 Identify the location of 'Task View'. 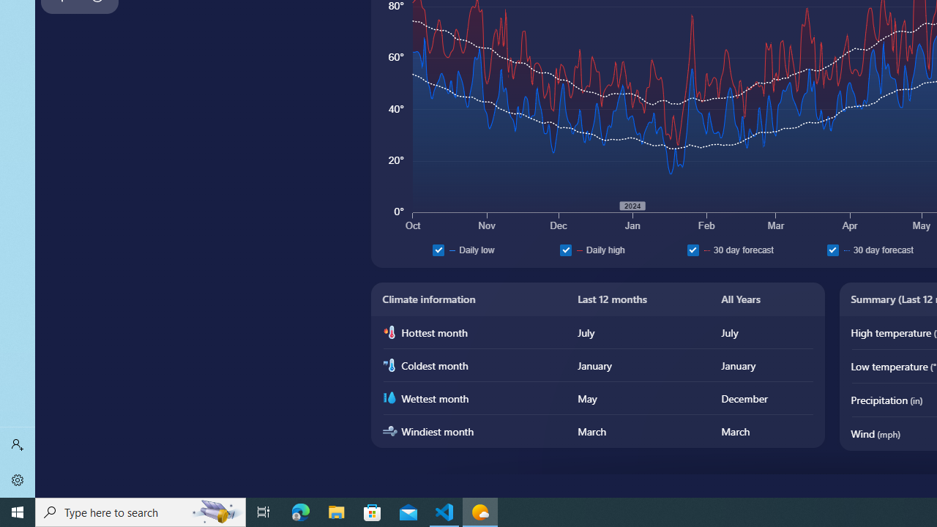
(263, 511).